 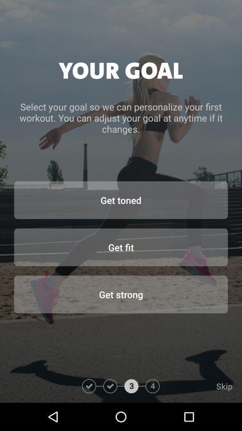 What do you see at coordinates (121, 247) in the screenshot?
I see `the get fit icon` at bounding box center [121, 247].